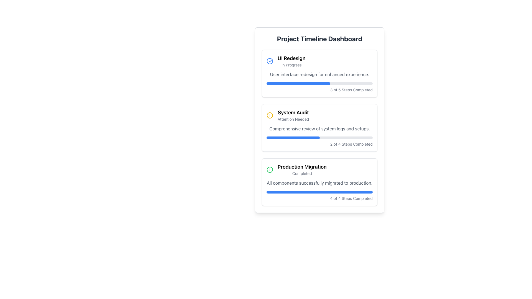 The width and height of the screenshot is (532, 299). What do you see at coordinates (298, 83) in the screenshot?
I see `the progress bar indicating 60% completion located below the 'UI Redesign' header and above the step count text in the first activity card` at bounding box center [298, 83].